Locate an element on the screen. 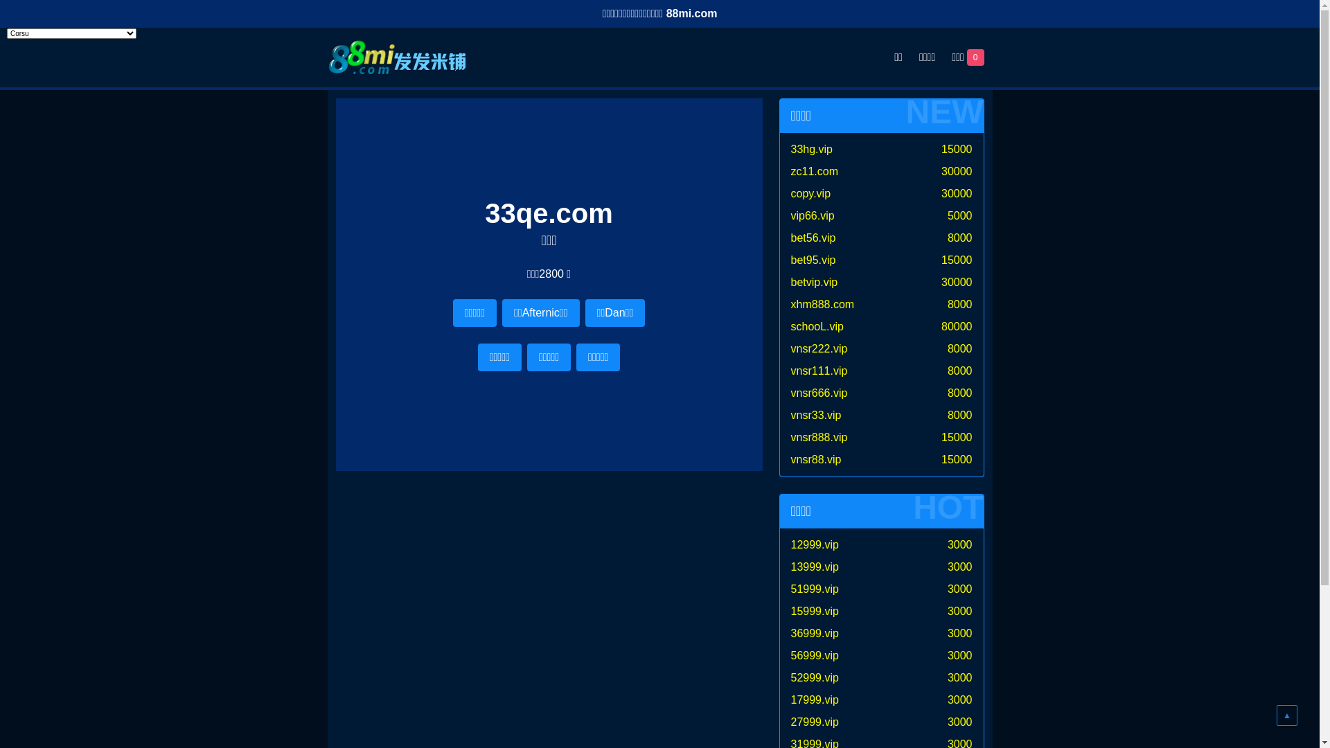 Image resolution: width=1330 pixels, height=748 pixels. '51999.vip' is located at coordinates (791, 589).